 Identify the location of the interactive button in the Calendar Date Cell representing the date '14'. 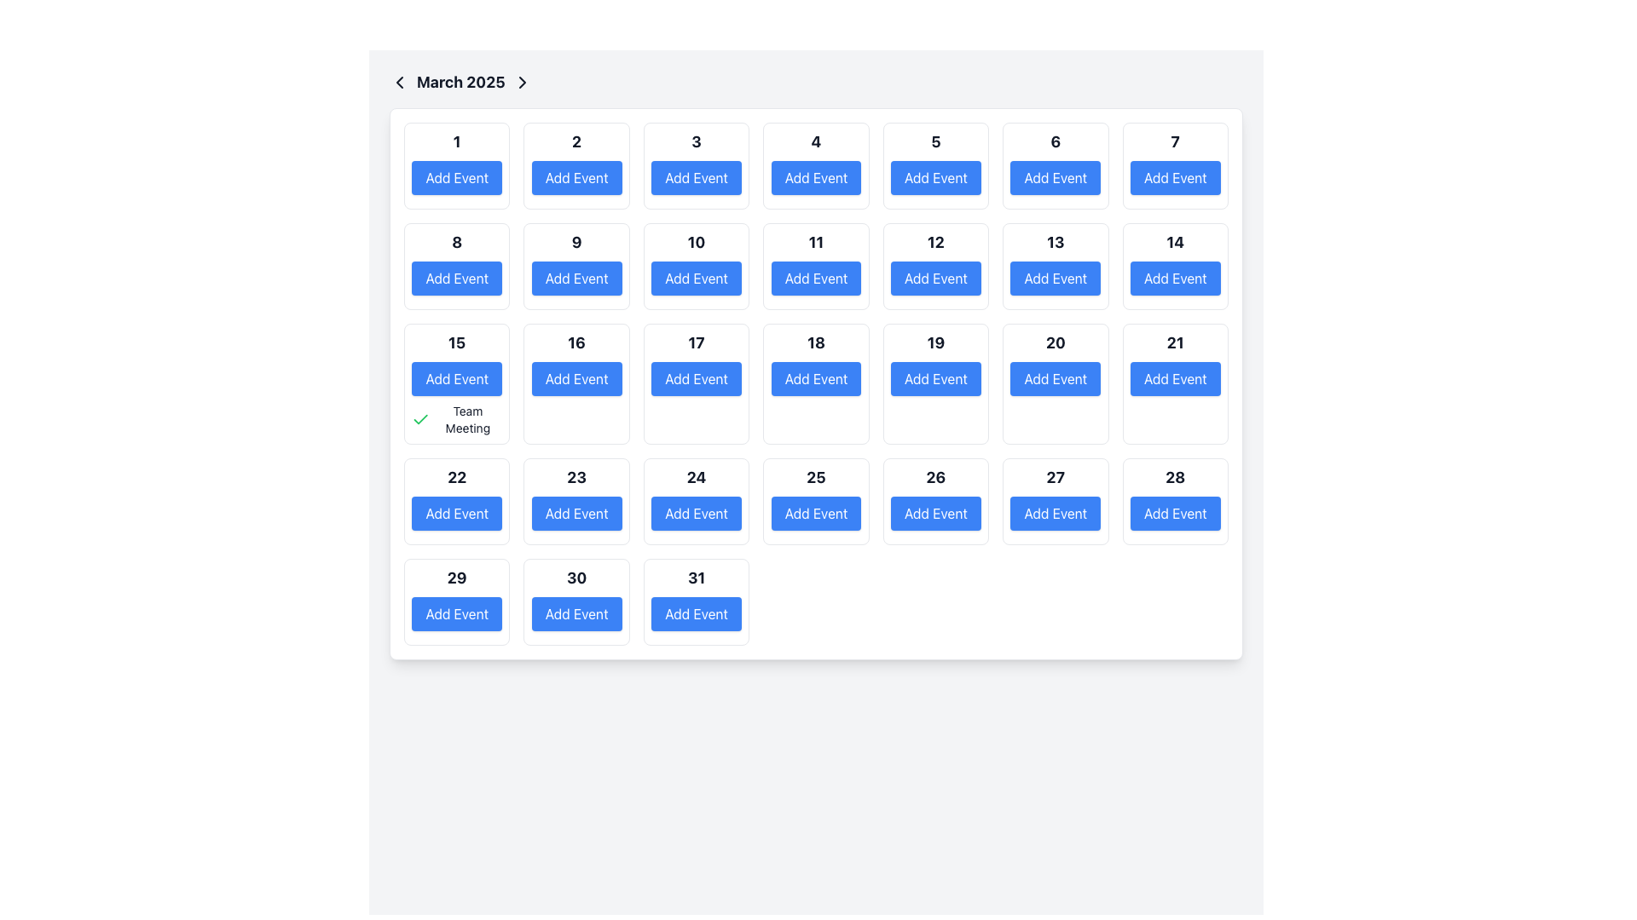
(1174, 266).